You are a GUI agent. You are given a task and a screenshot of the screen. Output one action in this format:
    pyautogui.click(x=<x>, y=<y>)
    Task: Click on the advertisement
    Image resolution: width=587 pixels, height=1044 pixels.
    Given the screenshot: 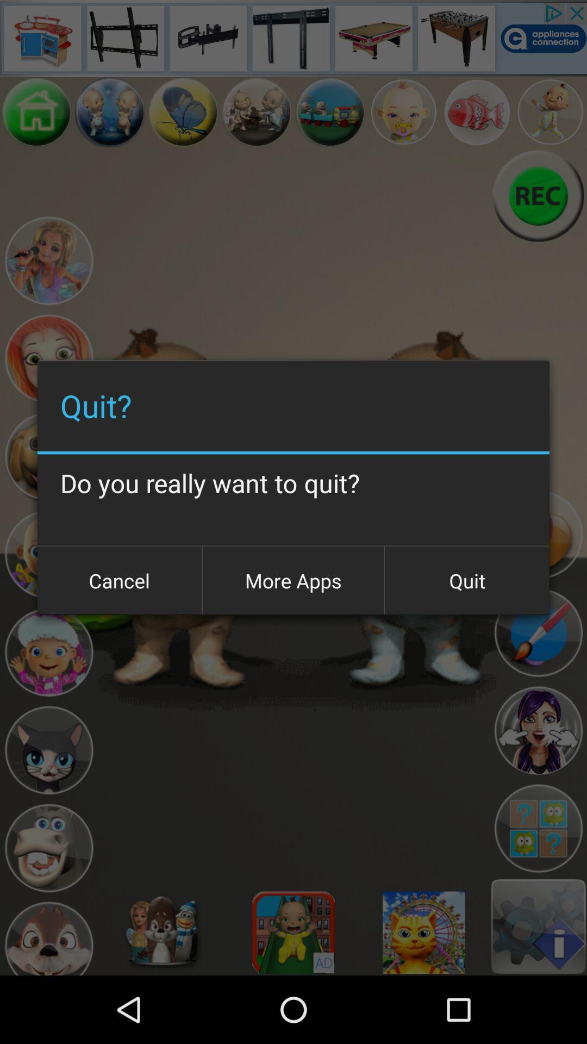 What is the action you would take?
    pyautogui.click(x=293, y=38)
    